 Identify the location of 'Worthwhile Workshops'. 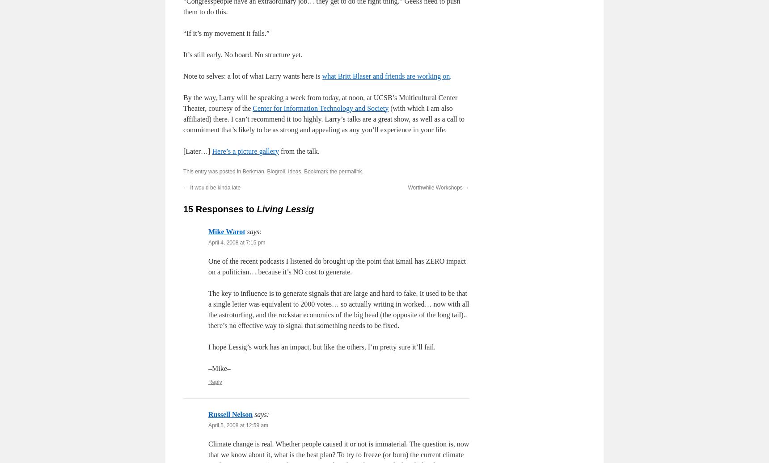
(407, 187).